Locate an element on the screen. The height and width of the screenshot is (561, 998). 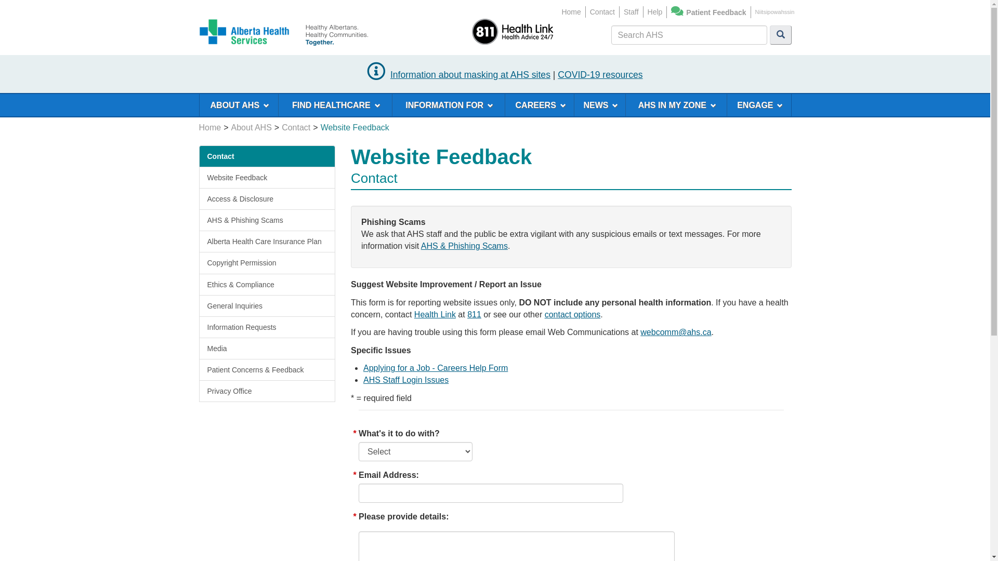
'Help' is located at coordinates (654, 12).